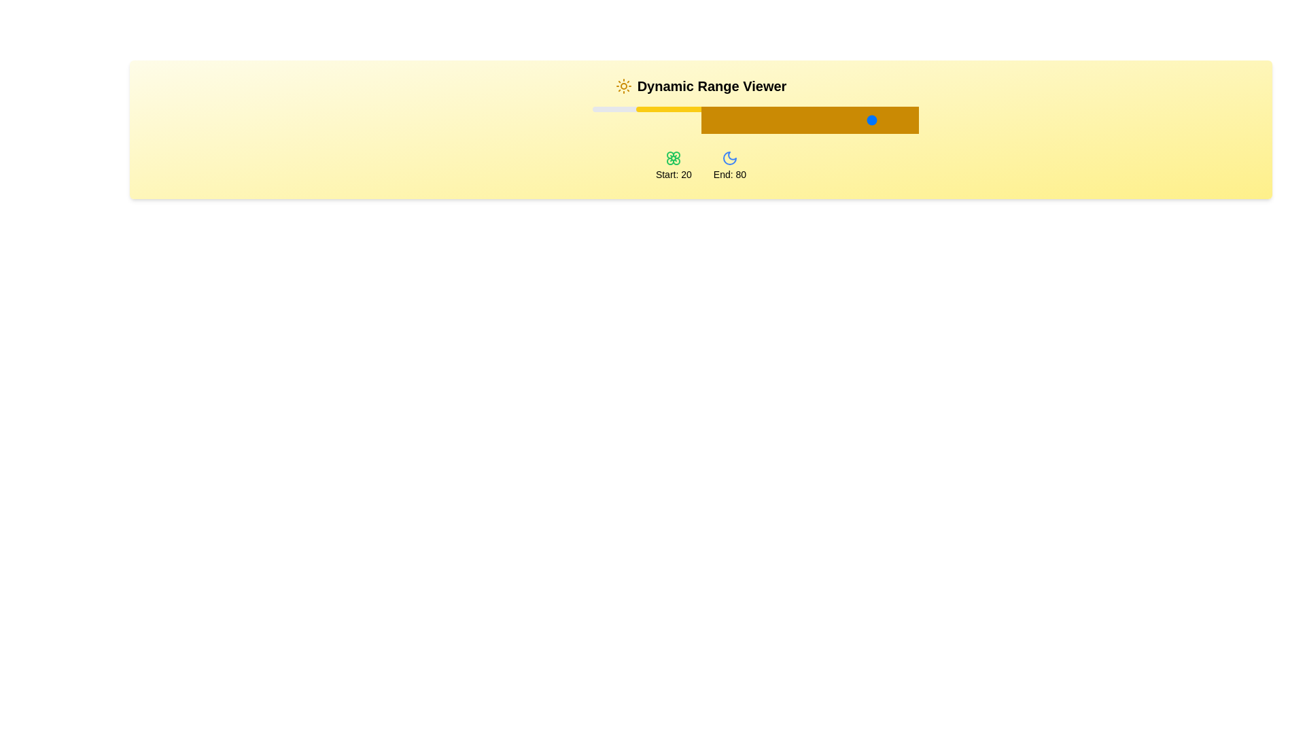 This screenshot has height=734, width=1305. Describe the element at coordinates (668, 109) in the screenshot. I see `the slider` at that location.